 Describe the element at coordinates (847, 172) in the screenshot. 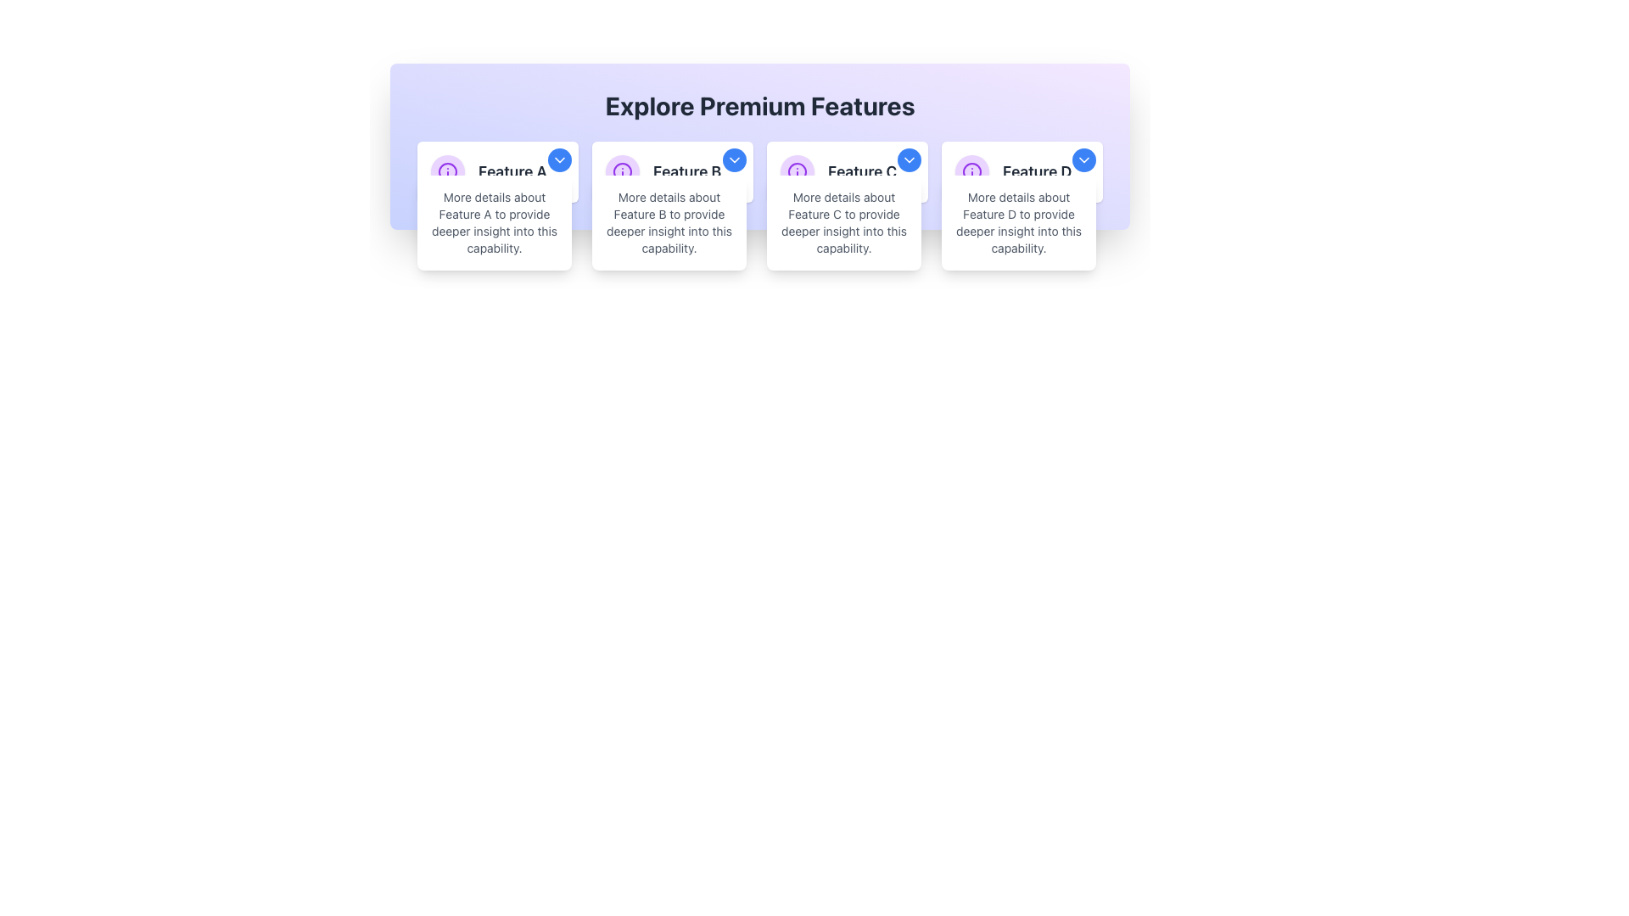

I see `the Feature Card titled 'Feature C', which is the third card from the left in a horizontal grid of four items` at that location.